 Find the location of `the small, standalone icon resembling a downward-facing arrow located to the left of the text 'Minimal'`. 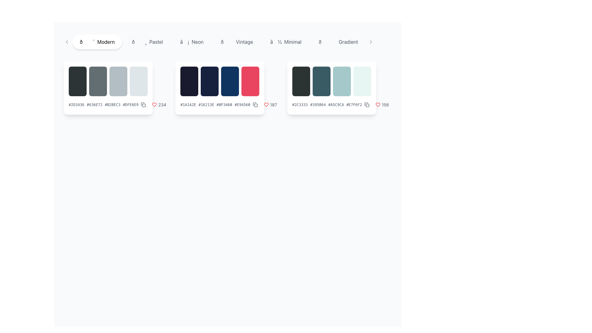

the small, standalone icon resembling a downward-facing arrow located to the left of the text 'Minimal' is located at coordinates (276, 42).